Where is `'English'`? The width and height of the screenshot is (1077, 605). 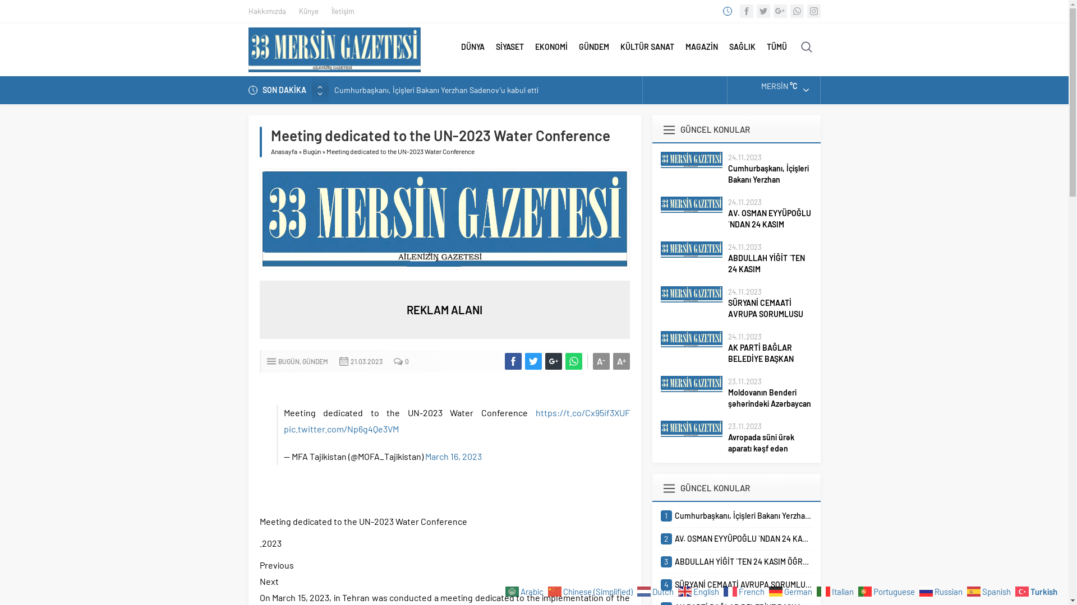
'English' is located at coordinates (699, 590).